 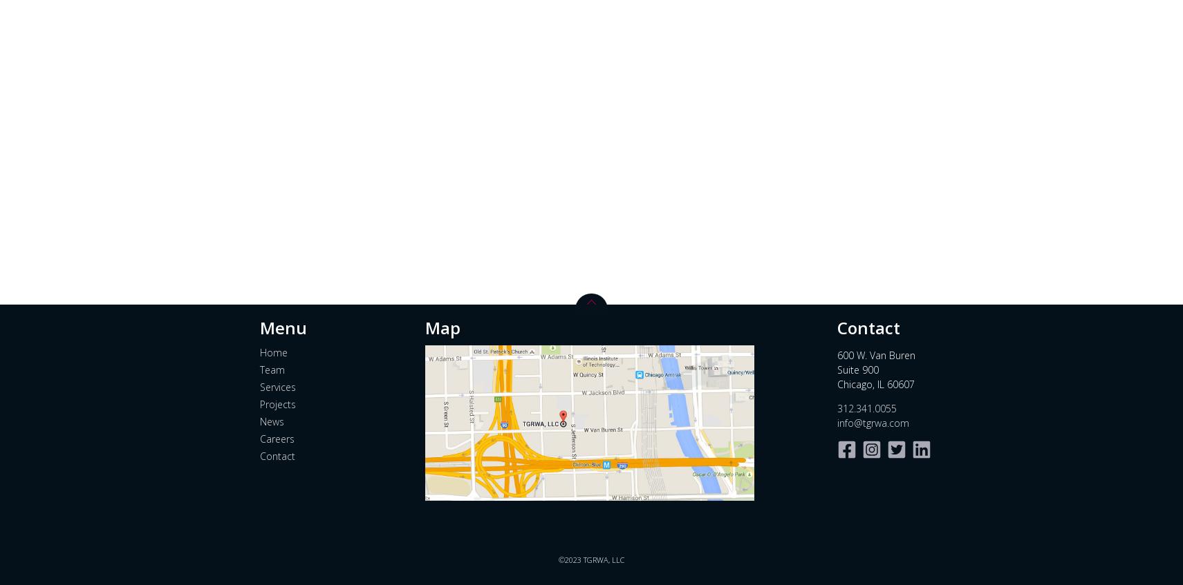 I want to click on 'Map', so click(x=442, y=327).